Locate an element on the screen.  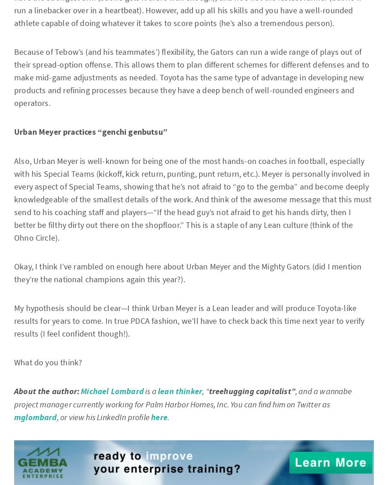
'is a' is located at coordinates (150, 391).